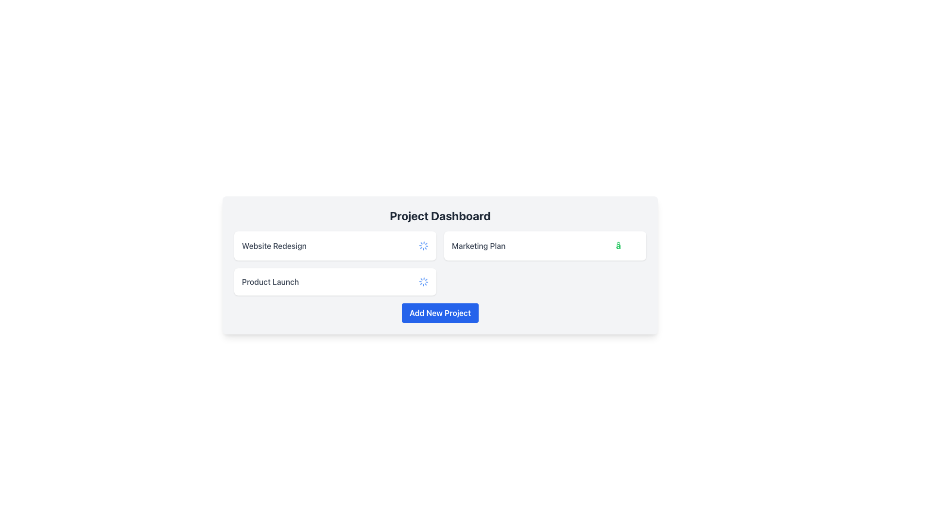  Describe the element at coordinates (627, 245) in the screenshot. I see `the green checkmark icon located in the top-right section of the 'Marketing Plan' card on the dashboard` at that location.